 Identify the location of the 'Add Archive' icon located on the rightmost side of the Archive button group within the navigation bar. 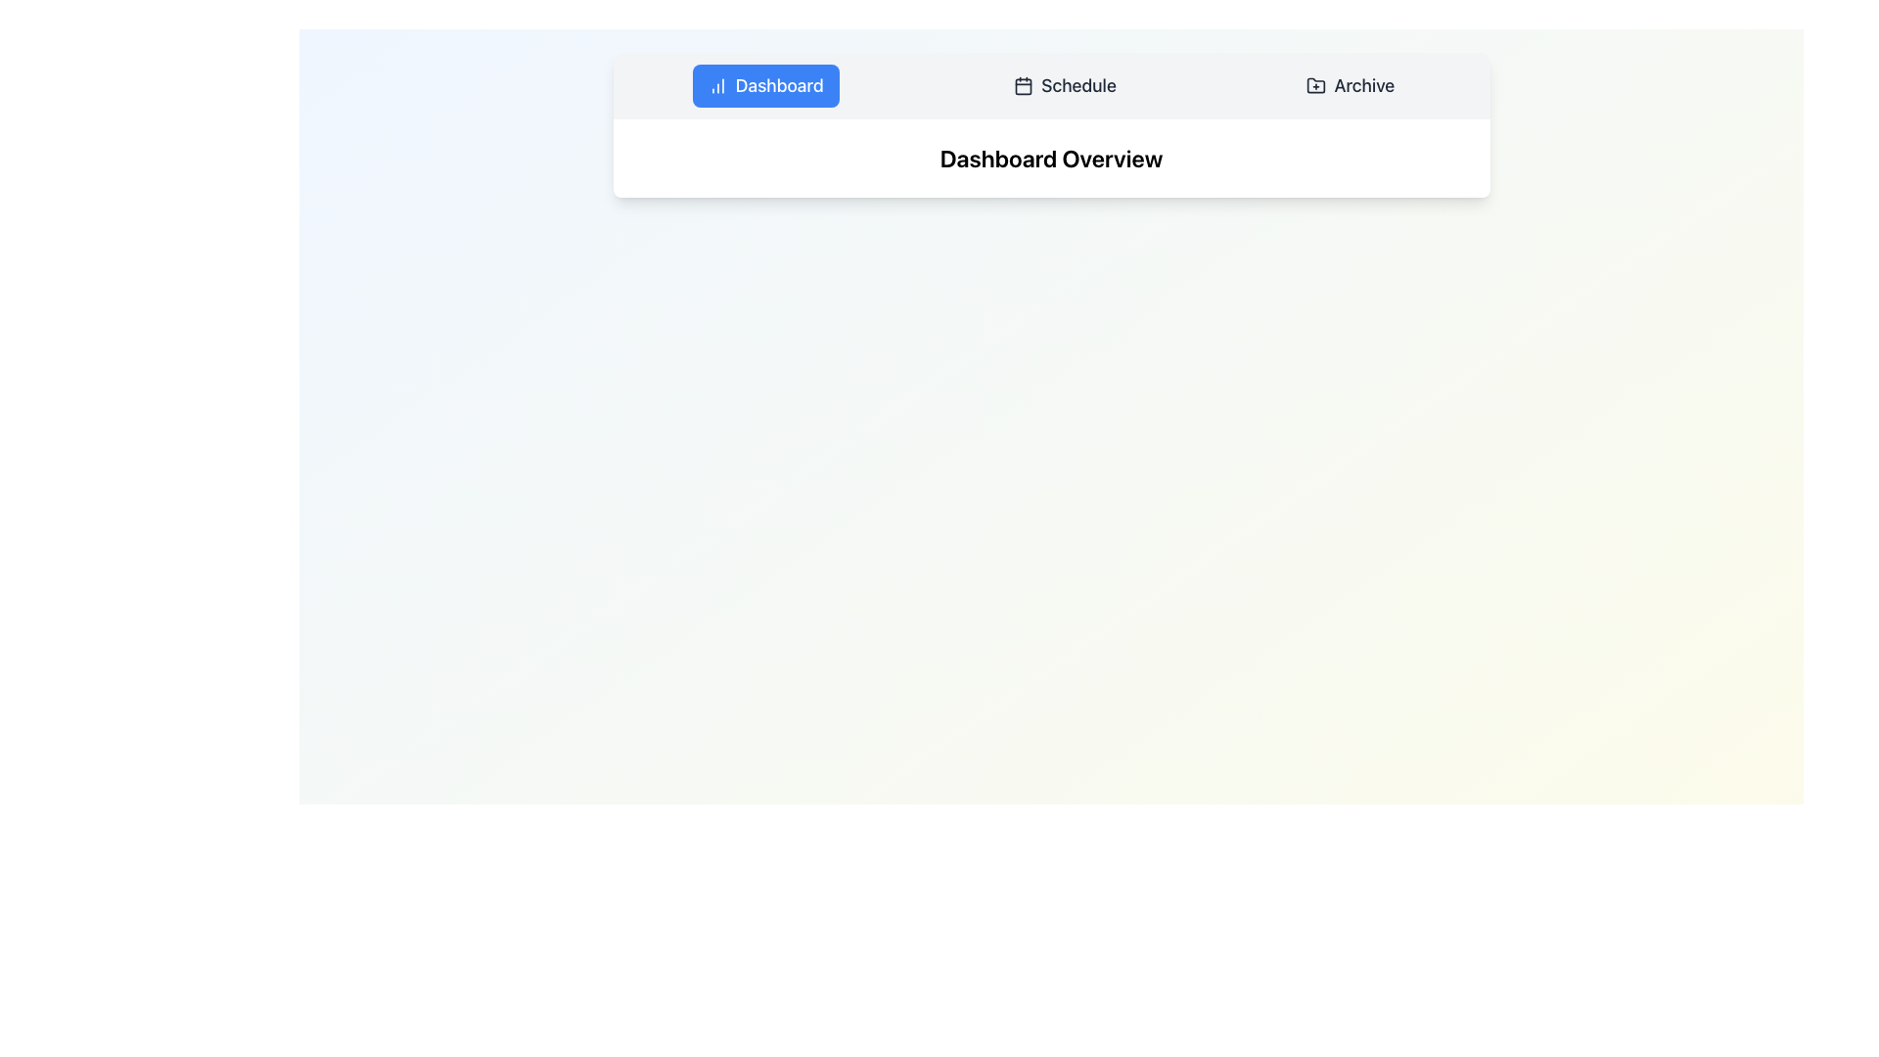
(1316, 85).